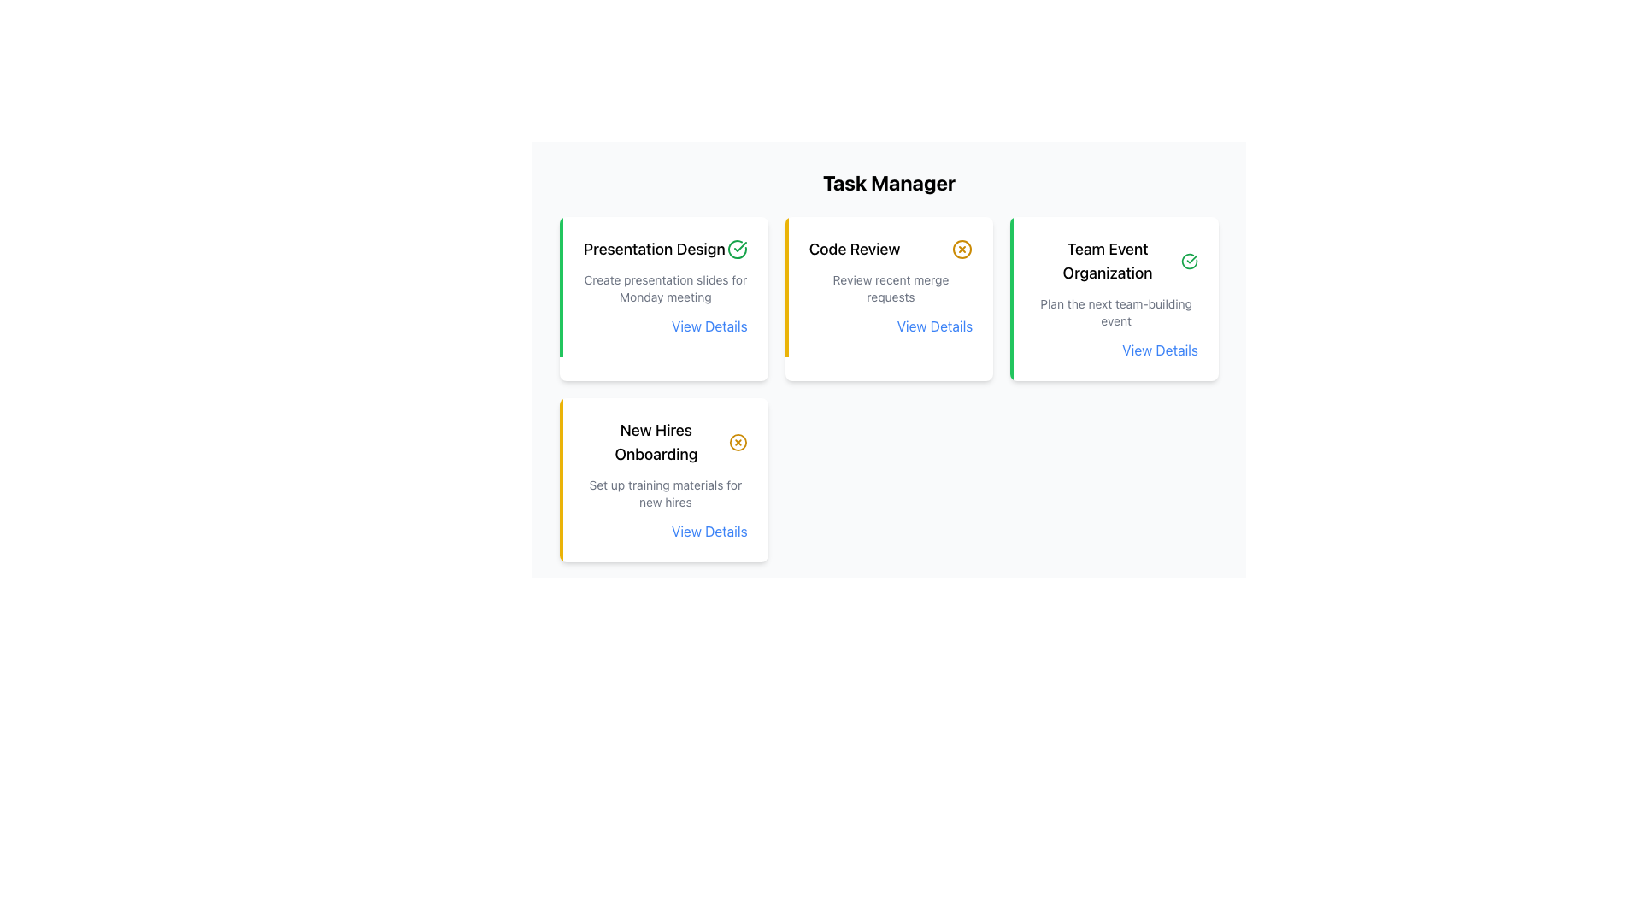 The image size is (1641, 923). What do you see at coordinates (889, 285) in the screenshot?
I see `information displayed on the 'Code Review' task card located in the top row, middle column of the grid layout` at bounding box center [889, 285].